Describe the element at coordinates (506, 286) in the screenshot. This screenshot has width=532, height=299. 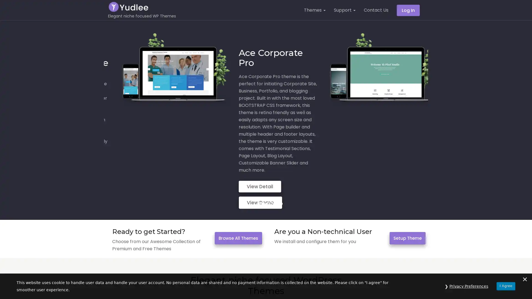
I see `I Agree` at that location.